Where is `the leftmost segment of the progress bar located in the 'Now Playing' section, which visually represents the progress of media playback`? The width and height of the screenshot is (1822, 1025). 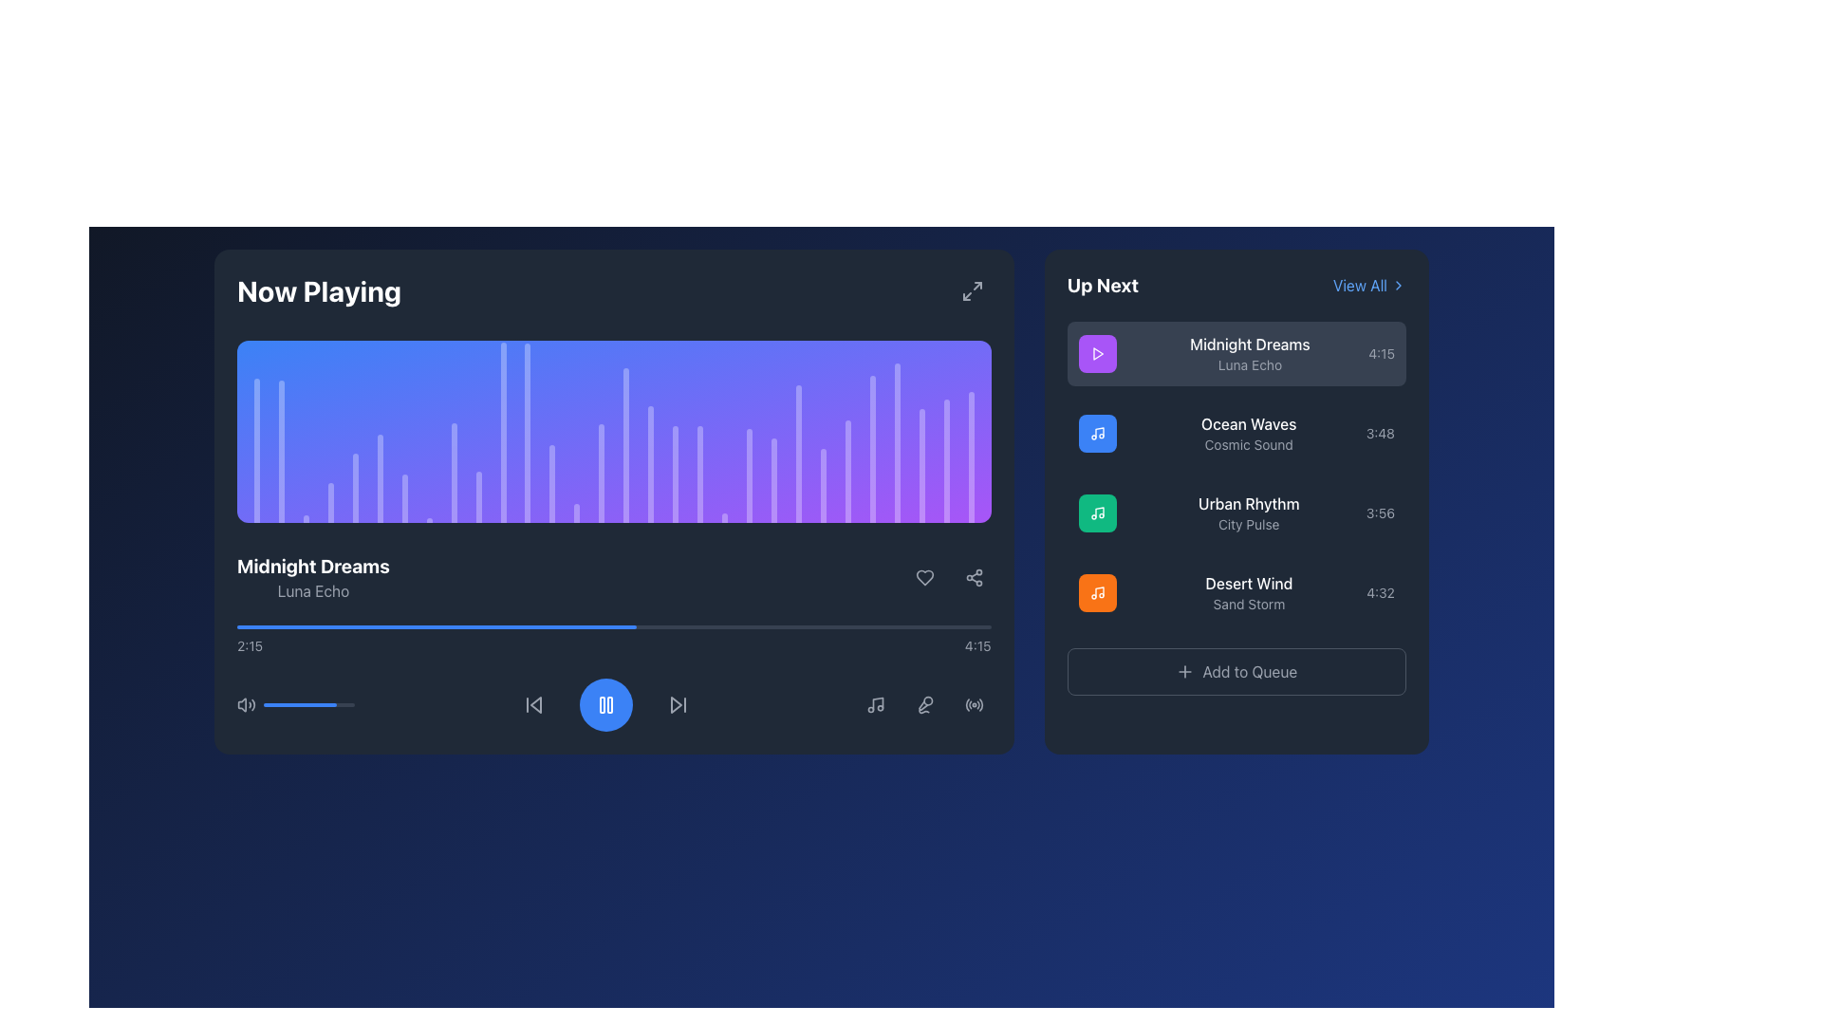 the leftmost segment of the progress bar located in the 'Now Playing' section, which visually represents the progress of media playback is located at coordinates (436, 626).